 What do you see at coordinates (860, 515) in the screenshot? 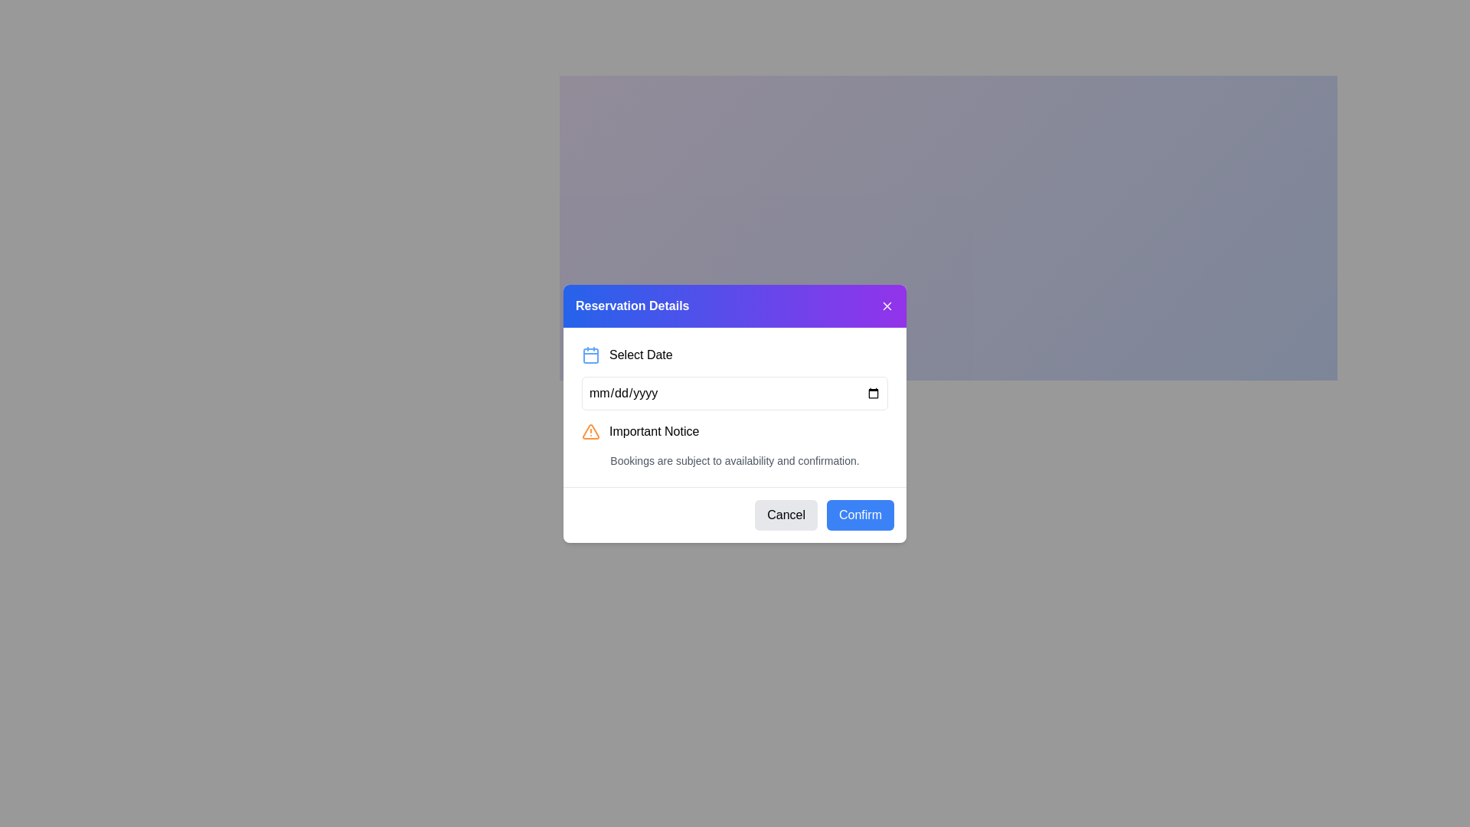
I see `the 'Confirm' button, which is a rectangular button with a blue background and white text, located at the bottom section of a modal dialog` at bounding box center [860, 515].